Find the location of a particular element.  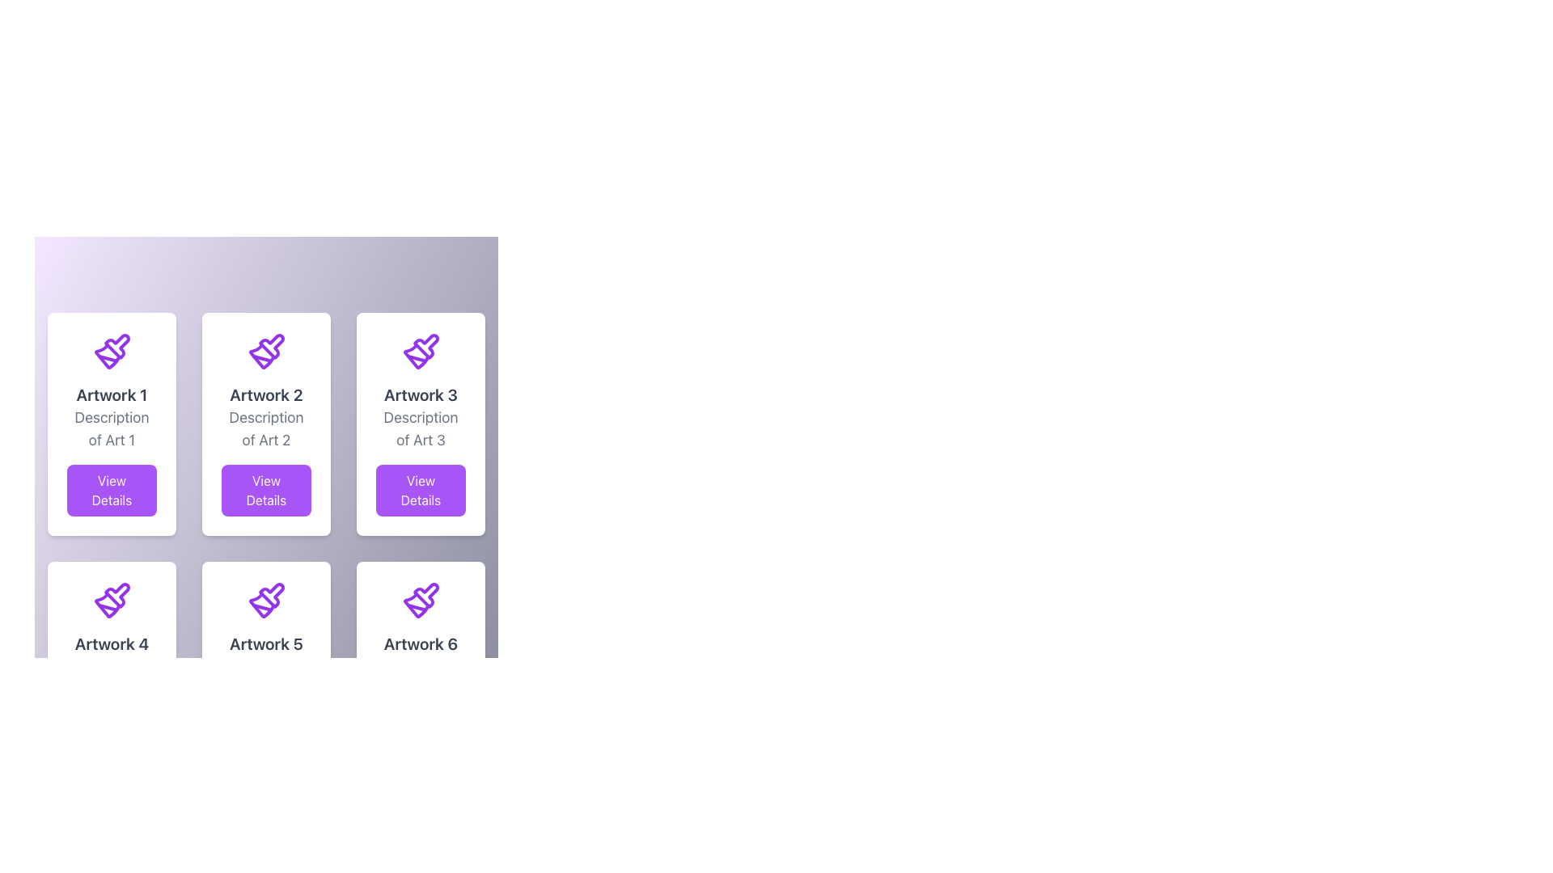

the Text Block providing a description of the artwork displayed in the second card, located below the title 'Artwork 2' and above the button 'View Details' is located at coordinates (266, 428).